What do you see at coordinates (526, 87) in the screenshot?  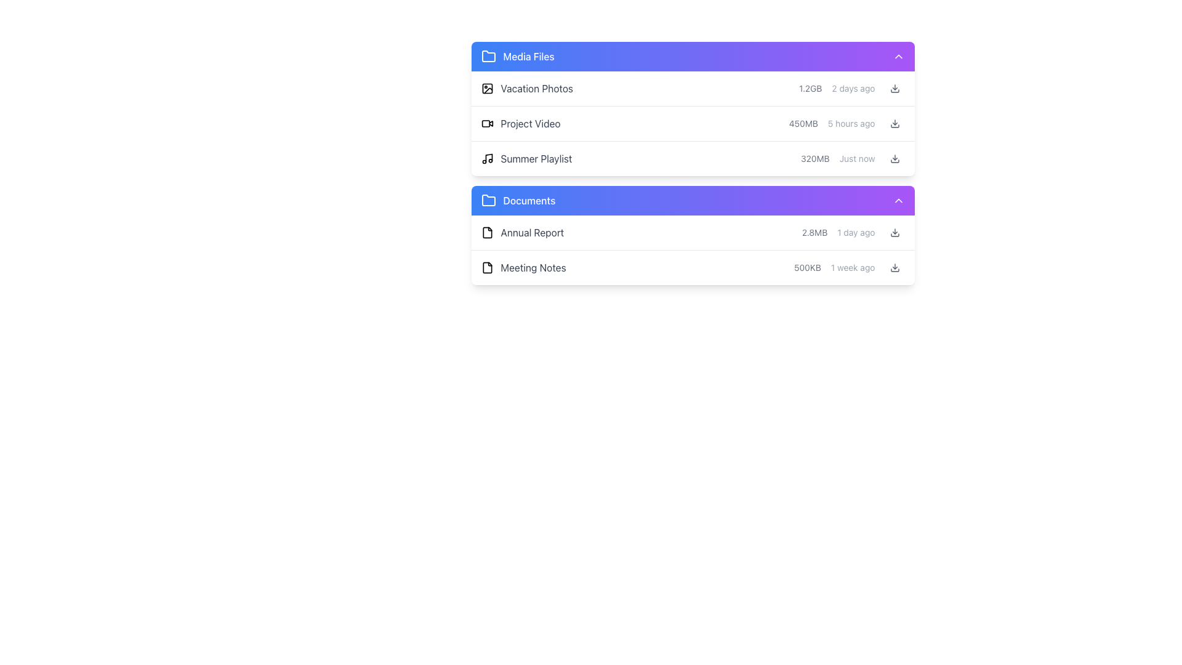 I see `the 'Vacation Photos' label with icon, which is the first item under the 'Media Files' section` at bounding box center [526, 87].